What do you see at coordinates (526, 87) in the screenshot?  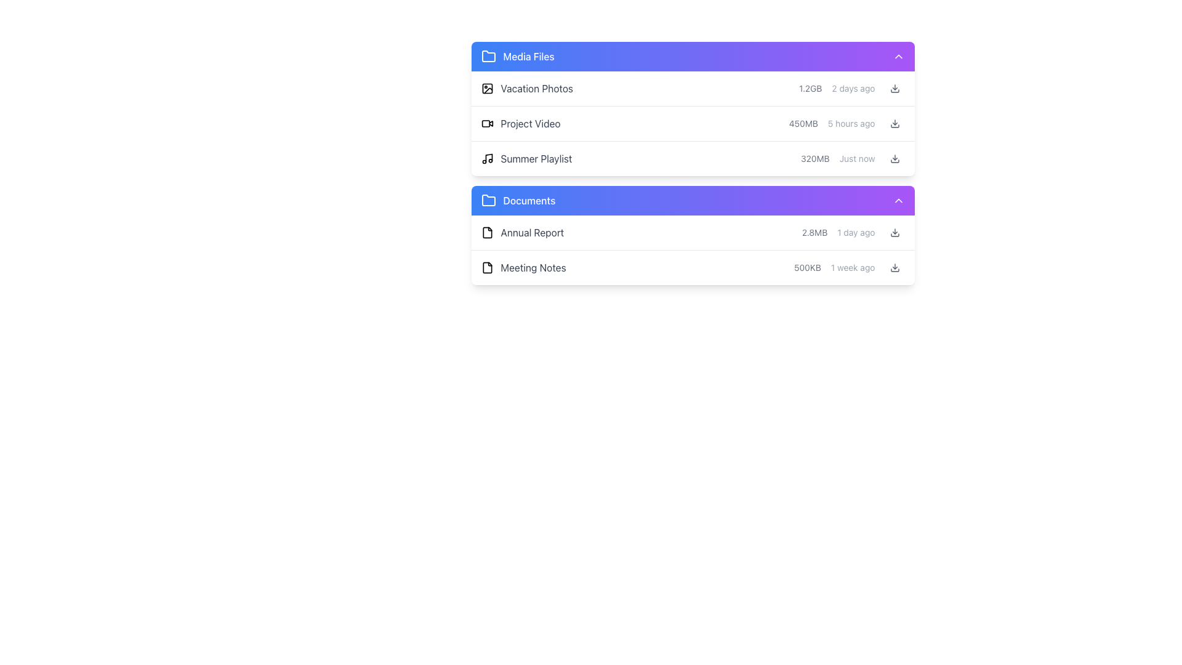 I see `the 'Vacation Photos' label with icon, which is the first item under the 'Media Files' section` at bounding box center [526, 87].